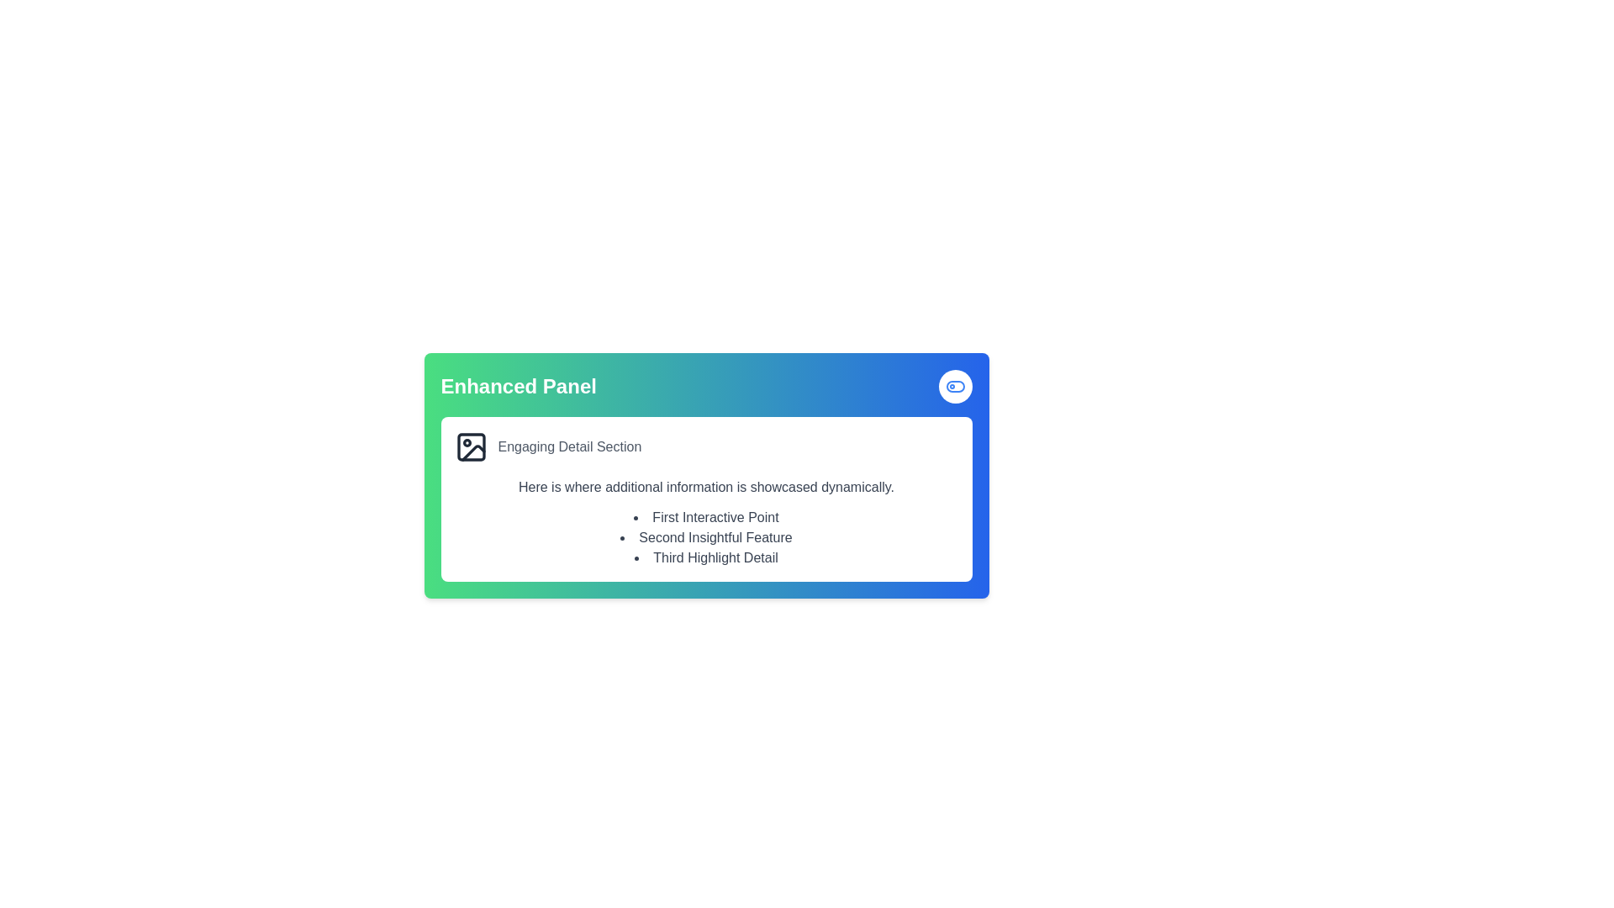  I want to click on the small circular button with a white background and a toggle-like icon in the top-right corner of the 'Enhanced Panel', so click(955, 386).